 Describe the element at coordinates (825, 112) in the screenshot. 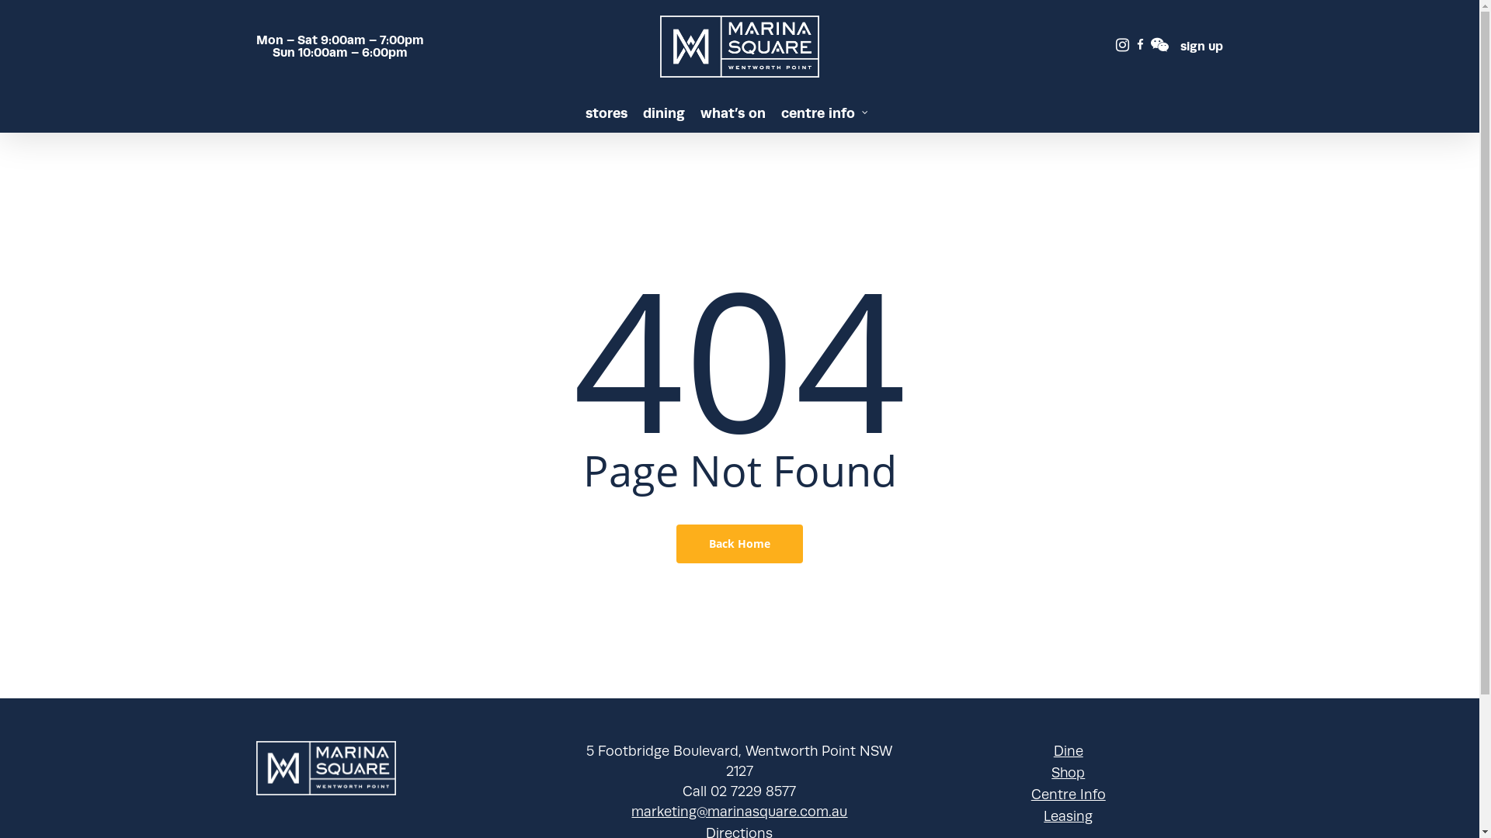

I see `'centre info'` at that location.